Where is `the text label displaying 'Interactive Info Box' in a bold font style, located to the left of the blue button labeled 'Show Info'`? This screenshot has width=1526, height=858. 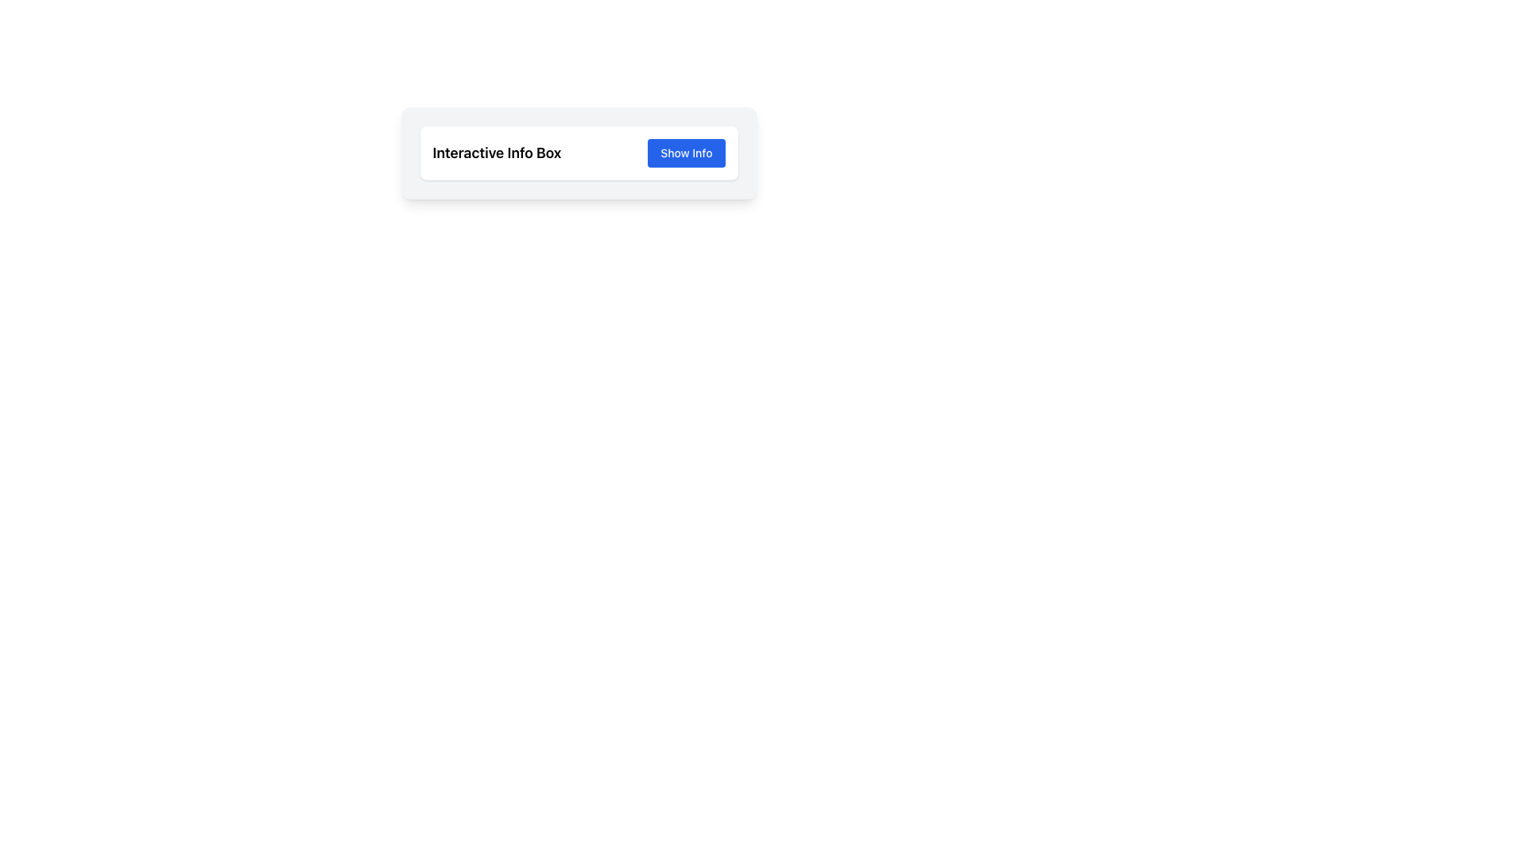 the text label displaying 'Interactive Info Box' in a bold font style, located to the left of the blue button labeled 'Show Info' is located at coordinates (496, 153).